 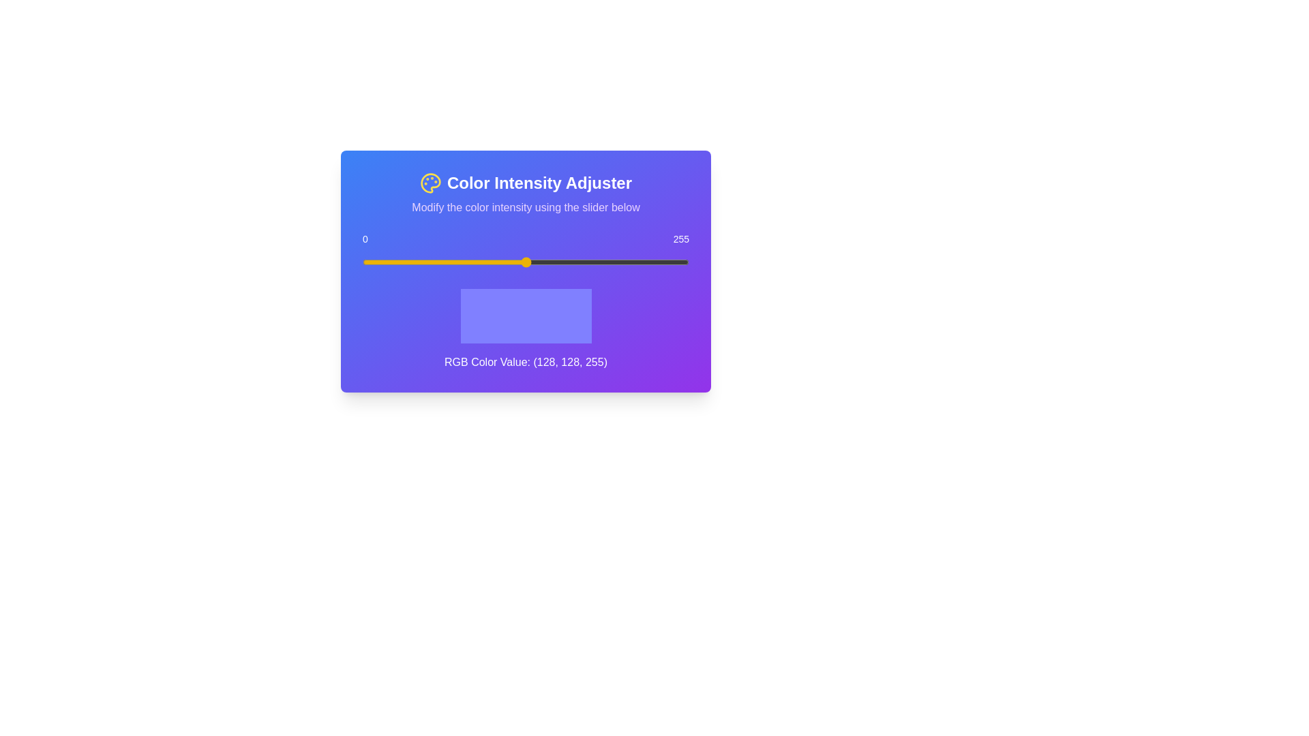 I want to click on the slider to set the color intensity to 77, so click(x=461, y=262).